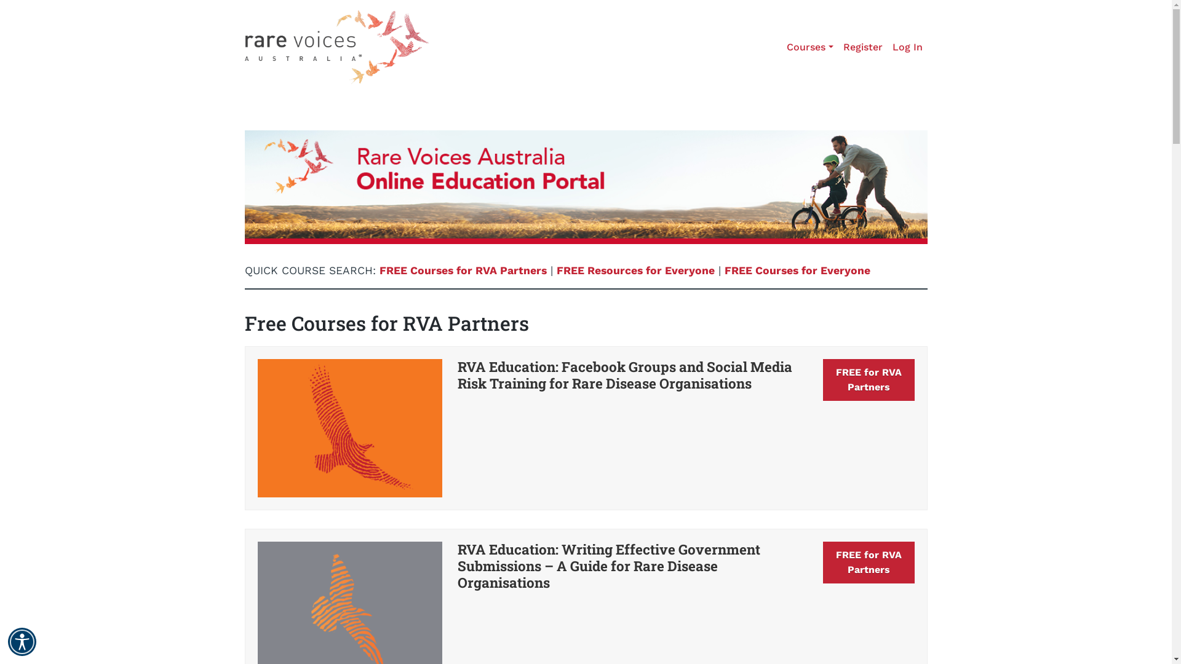 This screenshot has height=664, width=1181. What do you see at coordinates (809, 47) in the screenshot?
I see `'Courses'` at bounding box center [809, 47].